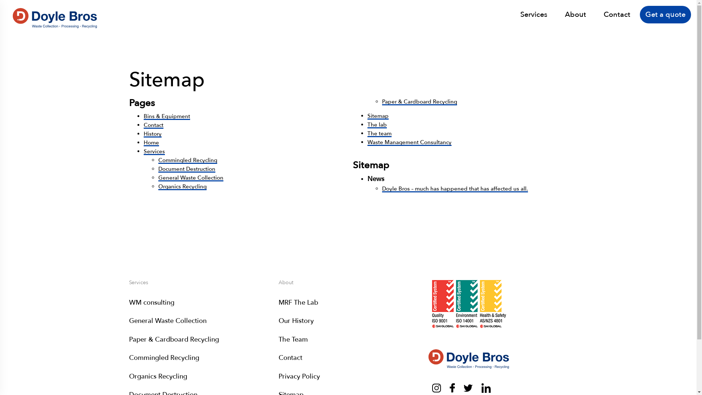 This screenshot has width=702, height=395. Describe the element at coordinates (182, 186) in the screenshot. I see `'Organics Recycling'` at that location.